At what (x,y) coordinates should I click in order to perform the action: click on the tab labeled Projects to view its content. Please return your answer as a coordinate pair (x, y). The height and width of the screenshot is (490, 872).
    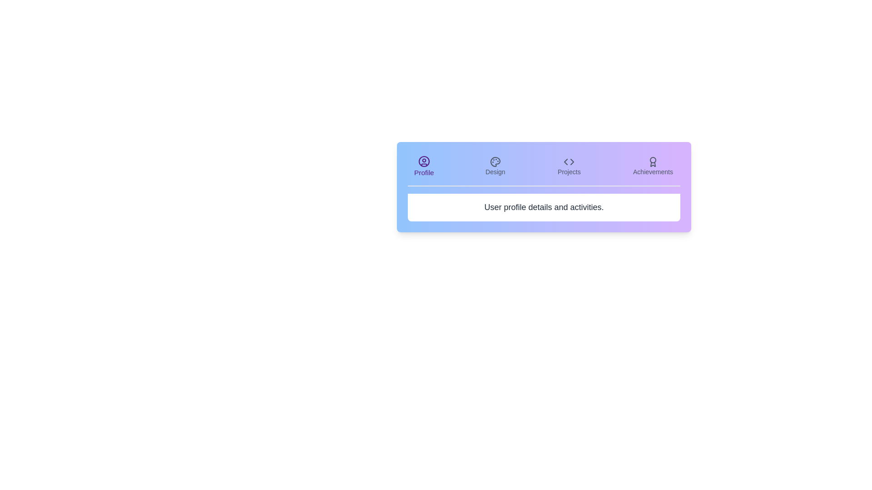
    Looking at the image, I should click on (569, 166).